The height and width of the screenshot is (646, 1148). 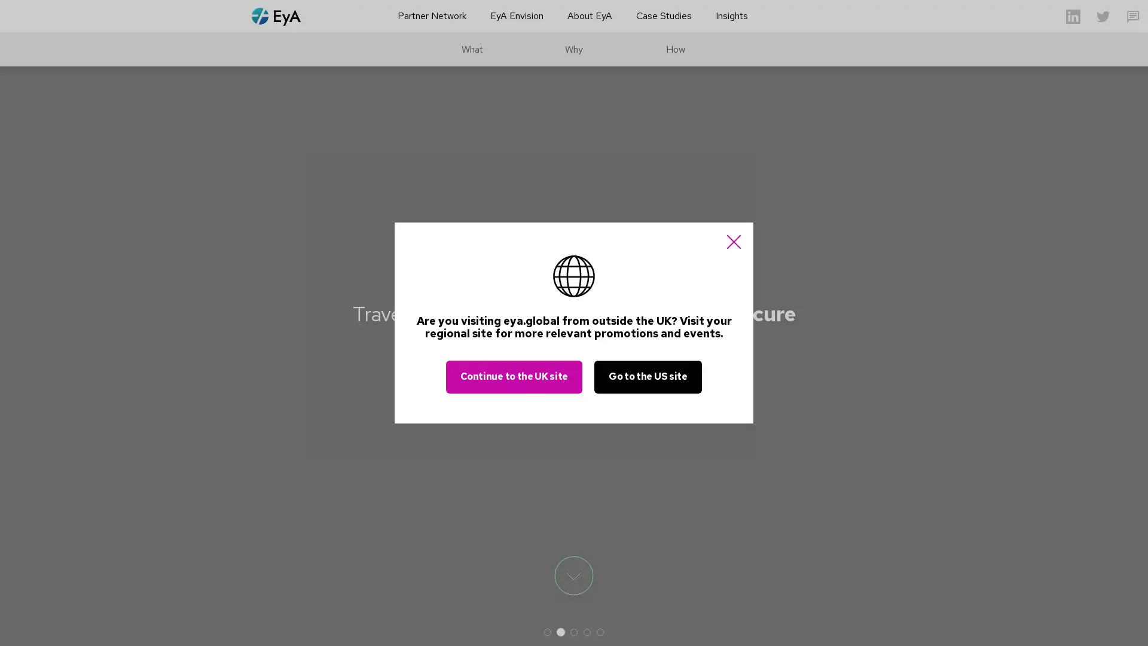 I want to click on 3, so click(x=574, y=631).